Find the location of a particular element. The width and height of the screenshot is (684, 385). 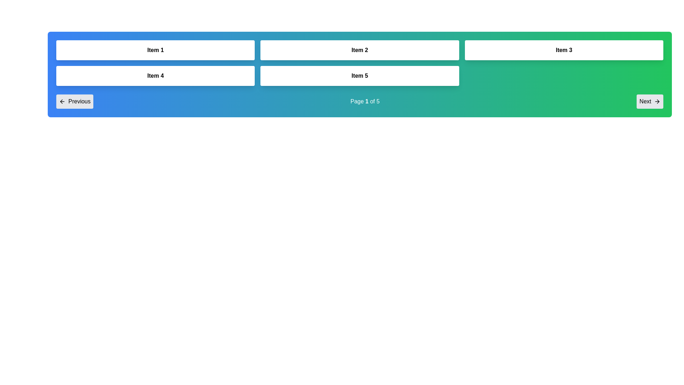

the rectangular button labeled 'Item 3' with a white background and slightly rounded corners is located at coordinates (564, 50).